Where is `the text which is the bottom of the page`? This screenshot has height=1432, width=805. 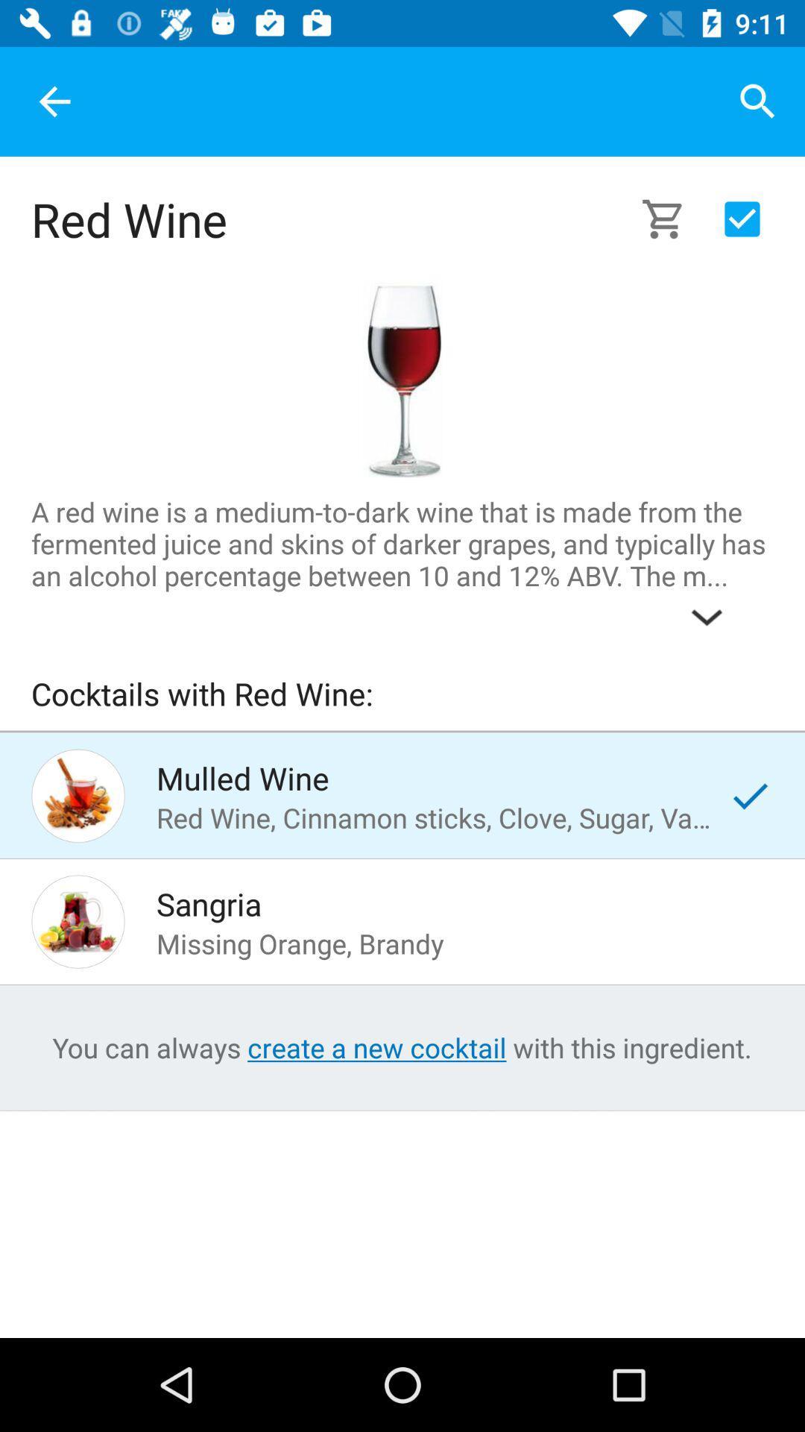 the text which is the bottom of the page is located at coordinates (402, 1047).